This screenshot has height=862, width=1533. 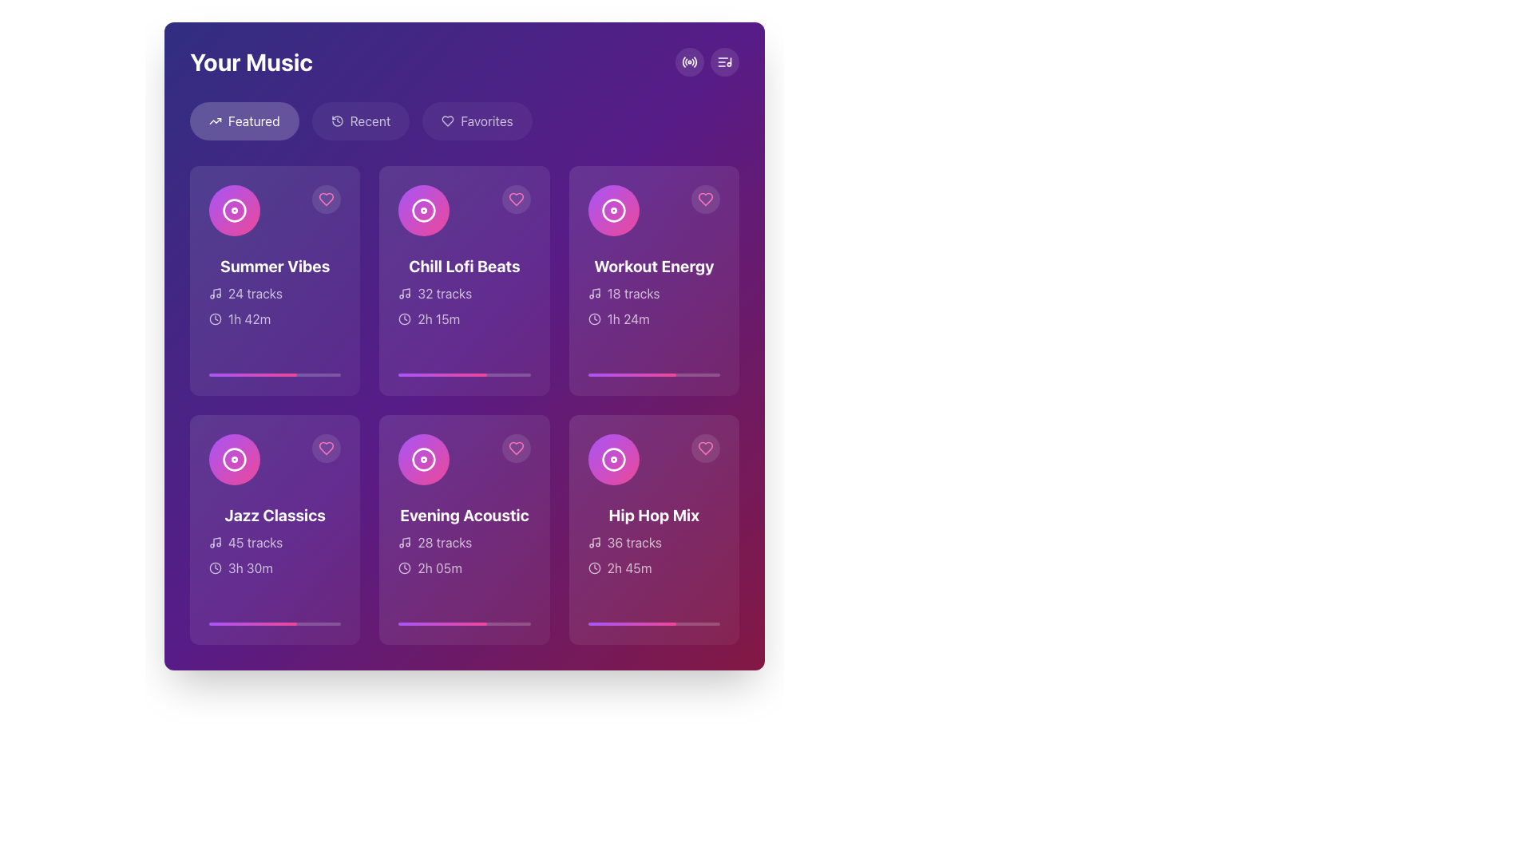 What do you see at coordinates (233, 459) in the screenshot?
I see `the music disc icon, which is a circular disc with a smaller concentric circle in the middle, styled with a gradient color transitioning from pink to purple, located in the middle of the card labeled 'Jazz Classics' in the Featured section` at bounding box center [233, 459].